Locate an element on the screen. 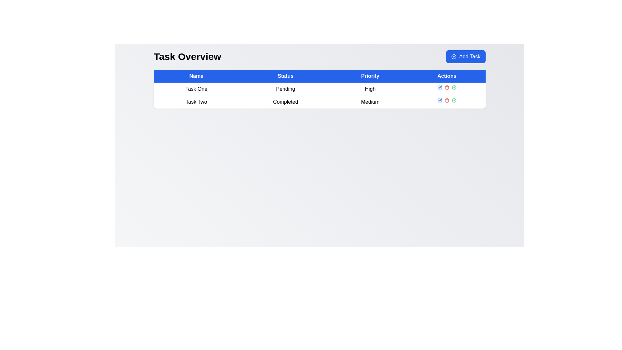  the 'Name' label, which is styled with bold white text on a blue background and is the first header in a table-like structure is located at coordinates (196, 76).